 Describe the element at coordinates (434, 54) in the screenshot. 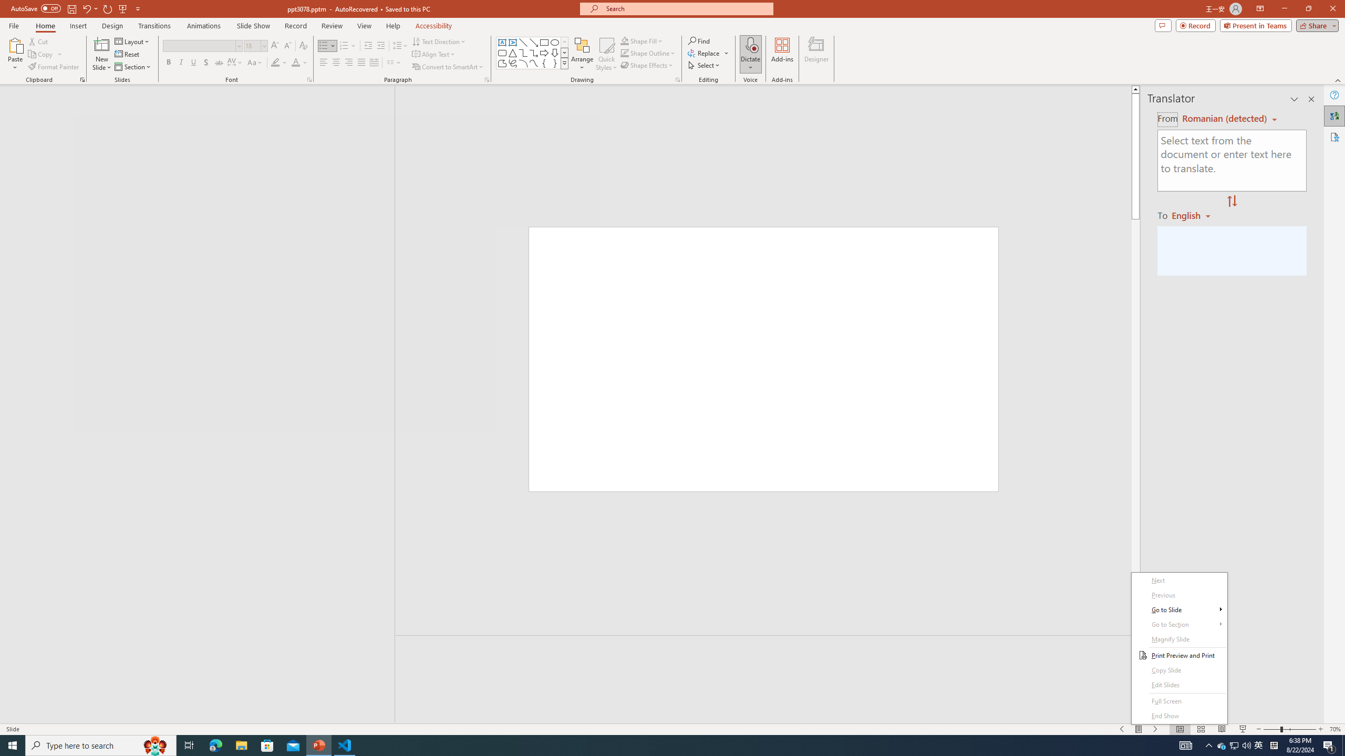

I see `'Align Text'` at that location.